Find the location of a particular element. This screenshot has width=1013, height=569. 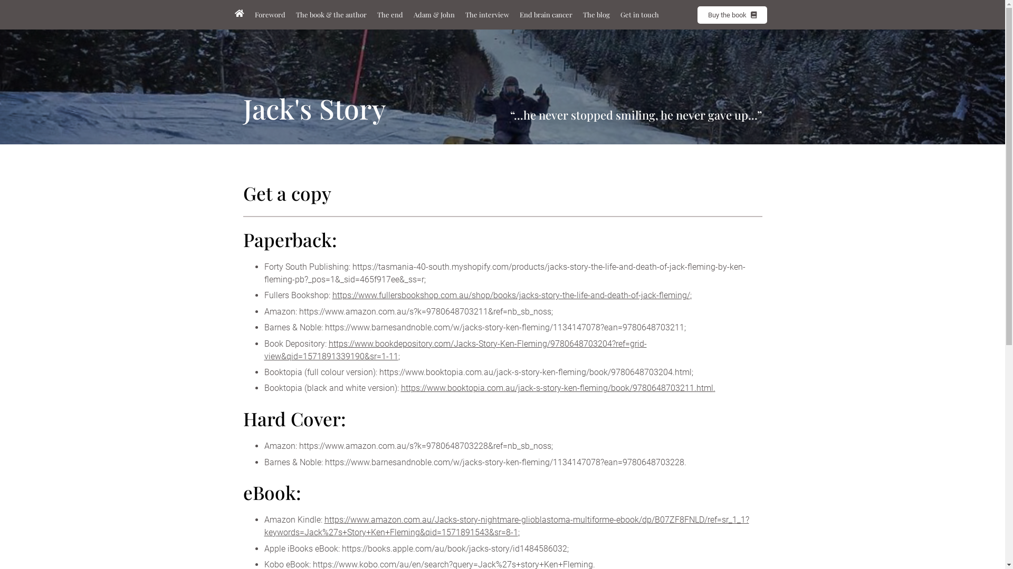

'The interview' is located at coordinates (486, 14).